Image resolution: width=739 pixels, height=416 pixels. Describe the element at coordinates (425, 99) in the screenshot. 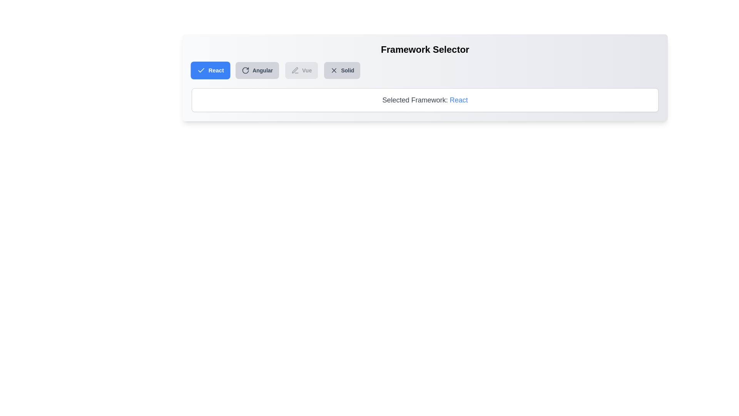

I see `the text display box that shows the currently selected framework ('React'). This box is located below the 'Framework Selector' title and the row of framework options` at that location.